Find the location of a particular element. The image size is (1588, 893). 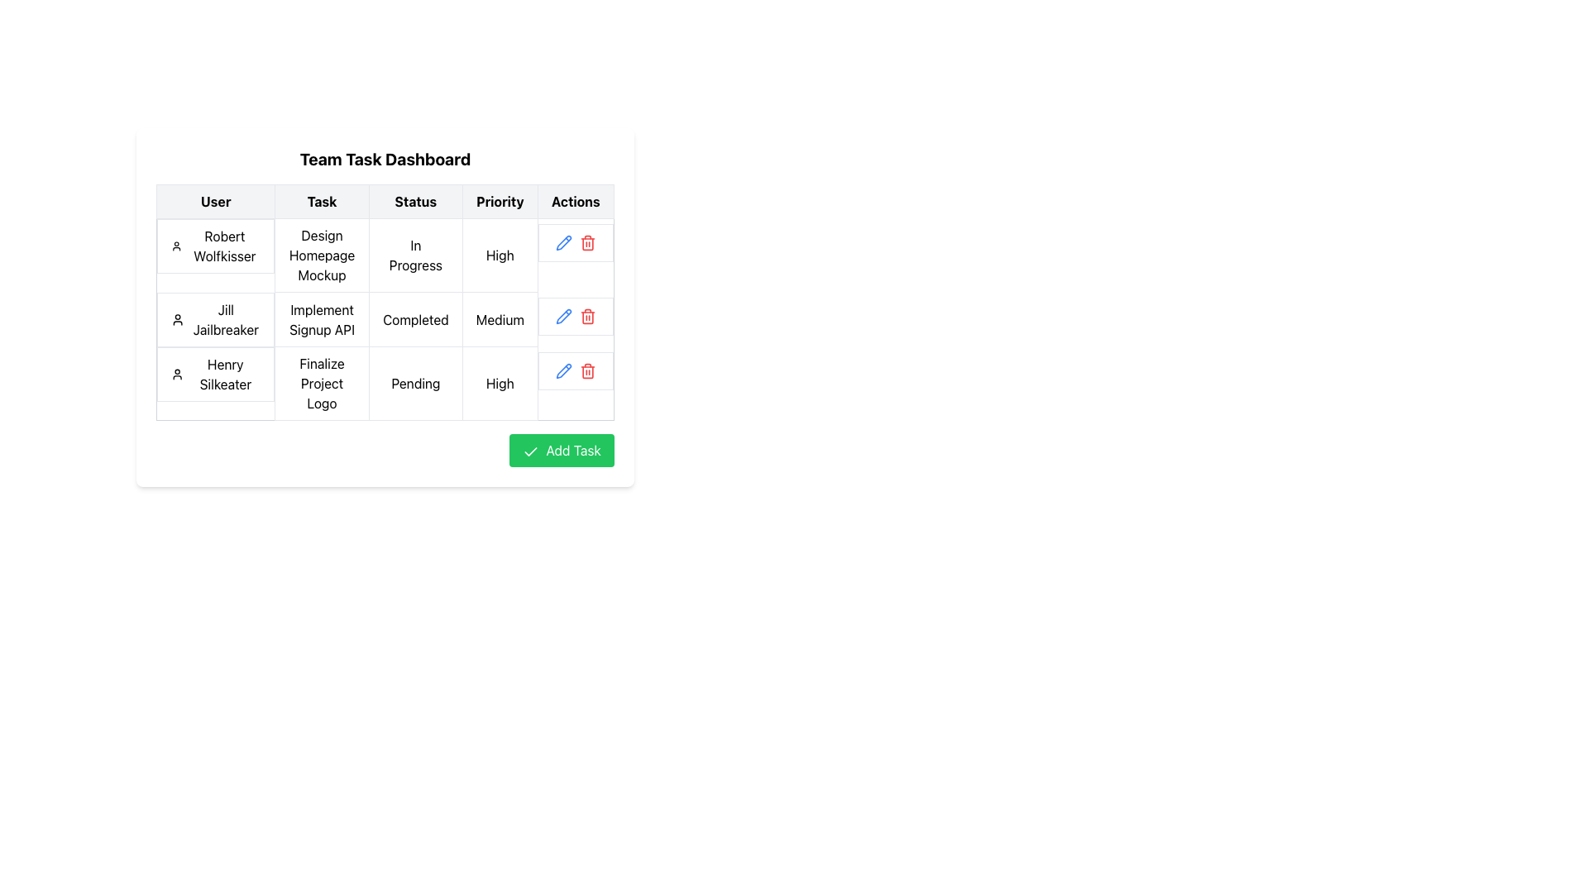

the 'High' priority indicator for the task 'Design Homepage Mockup' in the 'Priority' column under the row labeled 'Robert Wolfkisser' is located at coordinates (499, 255).